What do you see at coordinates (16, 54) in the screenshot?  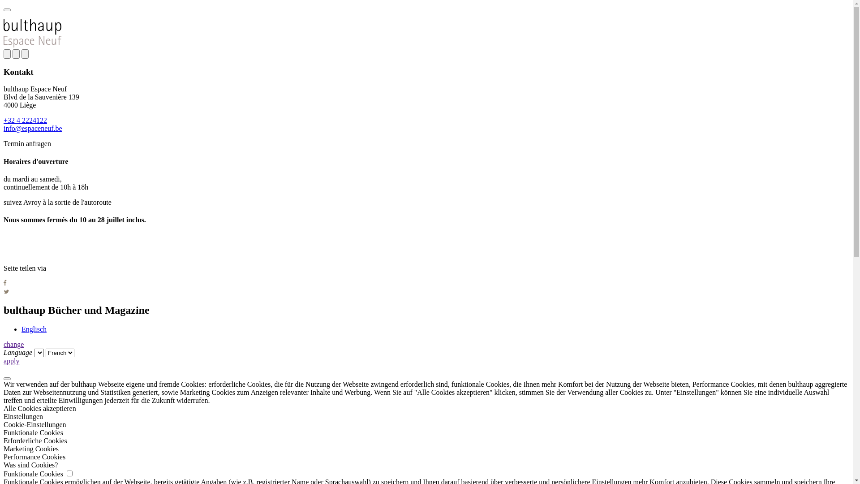 I see `'share'` at bounding box center [16, 54].